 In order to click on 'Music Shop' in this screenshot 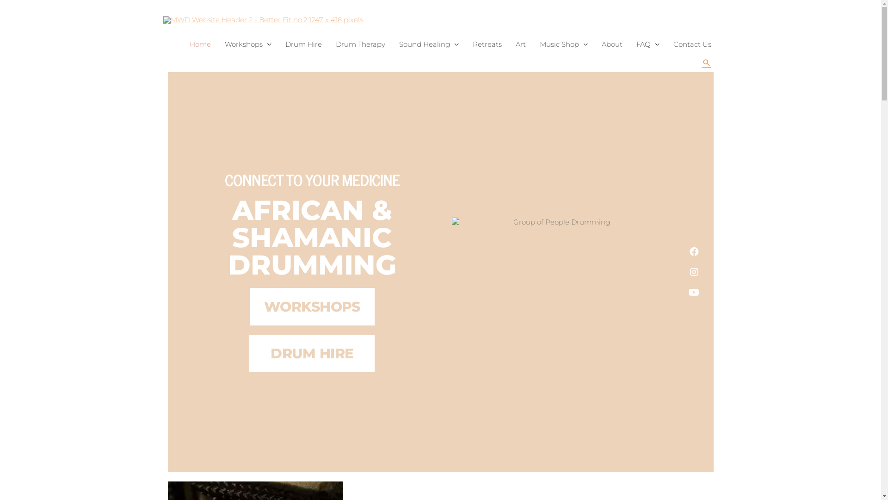, I will do `click(563, 44)`.